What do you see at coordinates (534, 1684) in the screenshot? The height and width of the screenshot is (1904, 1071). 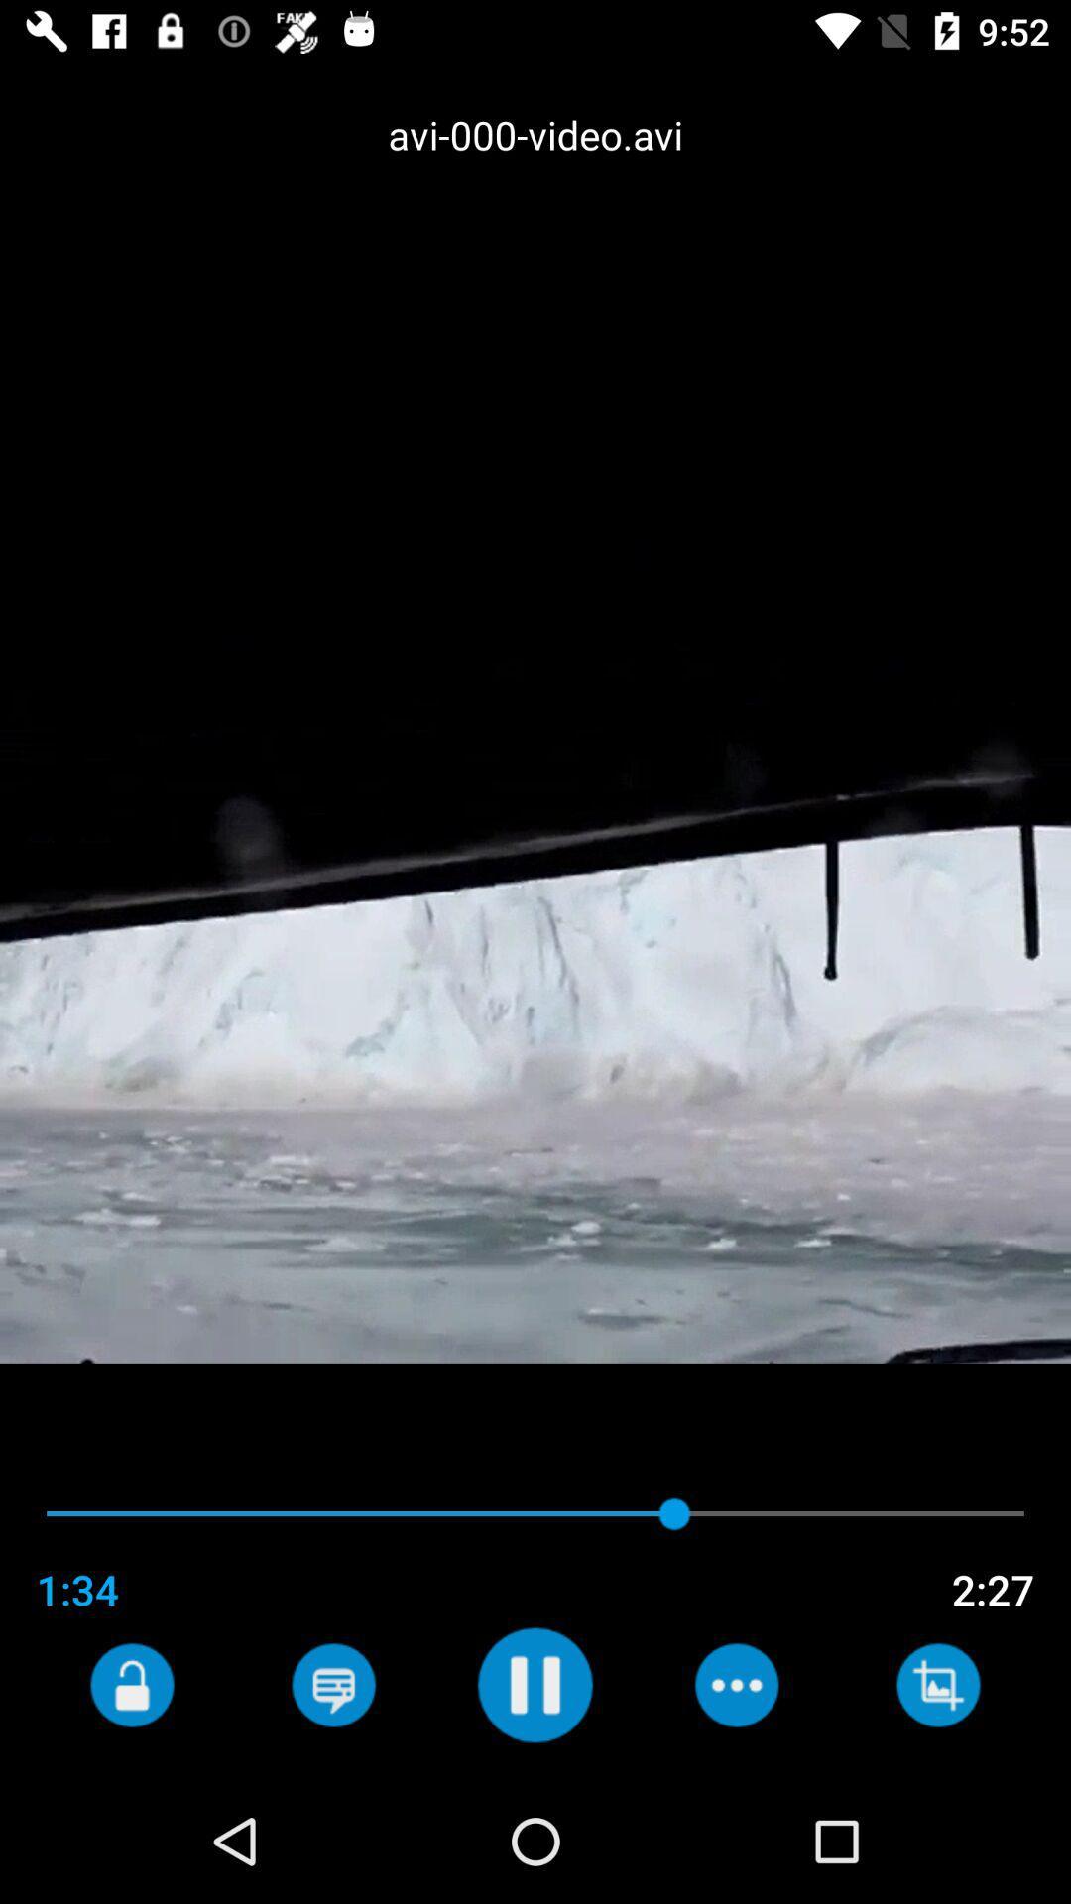 I see `pause` at bounding box center [534, 1684].